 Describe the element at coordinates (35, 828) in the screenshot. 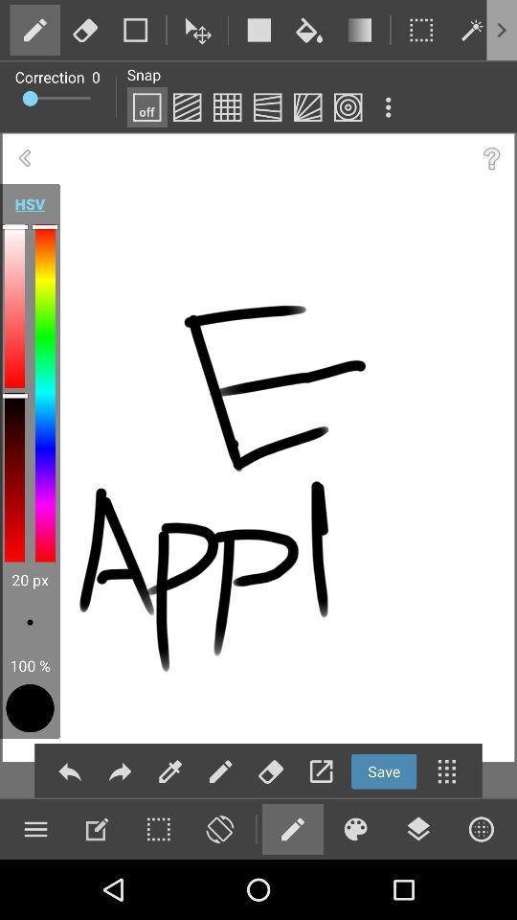

I see `the menu icon` at that location.